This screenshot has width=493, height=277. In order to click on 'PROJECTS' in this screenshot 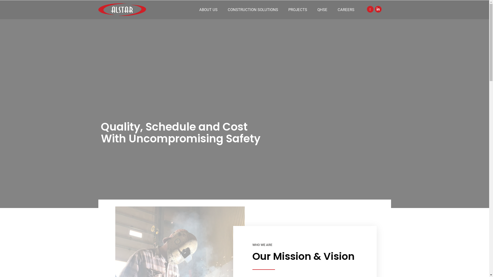, I will do `click(298, 10)`.